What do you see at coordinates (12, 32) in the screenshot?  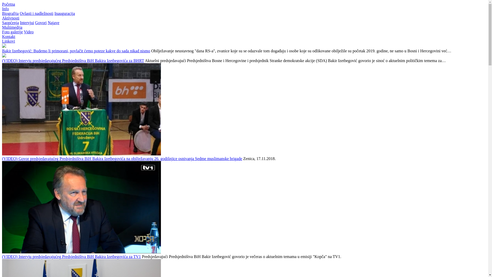 I see `'Foto galerije'` at bounding box center [12, 32].